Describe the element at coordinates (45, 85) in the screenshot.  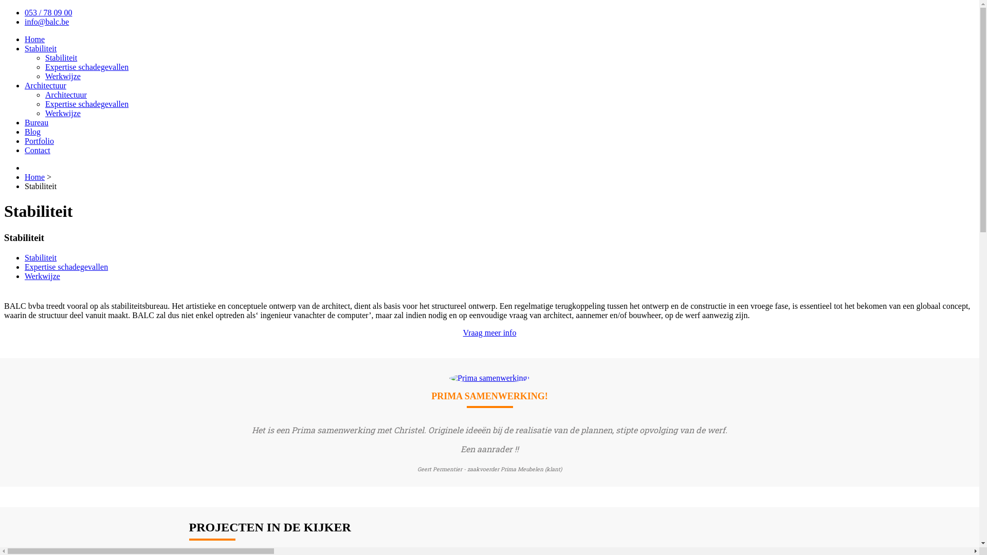
I see `'Architectuur'` at that location.